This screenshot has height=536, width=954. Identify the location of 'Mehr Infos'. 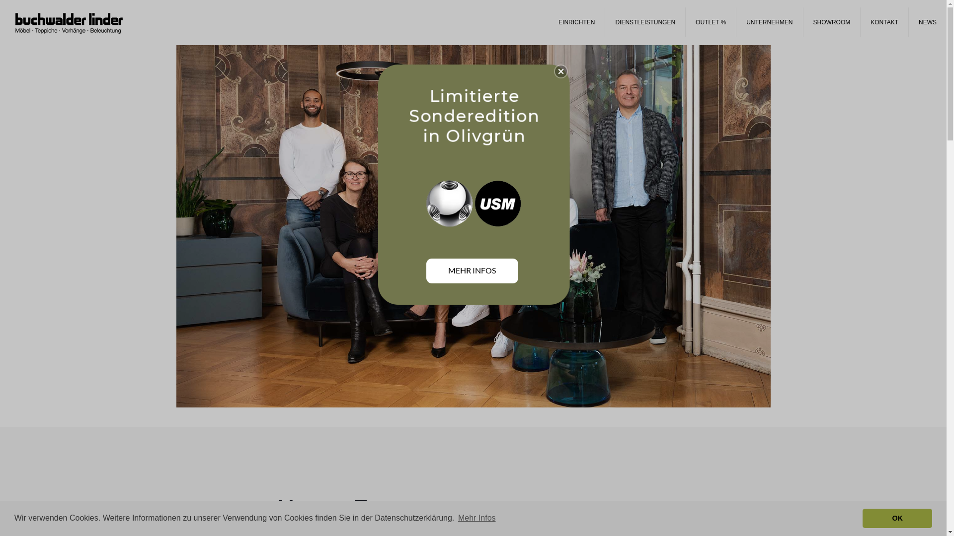
(456, 518).